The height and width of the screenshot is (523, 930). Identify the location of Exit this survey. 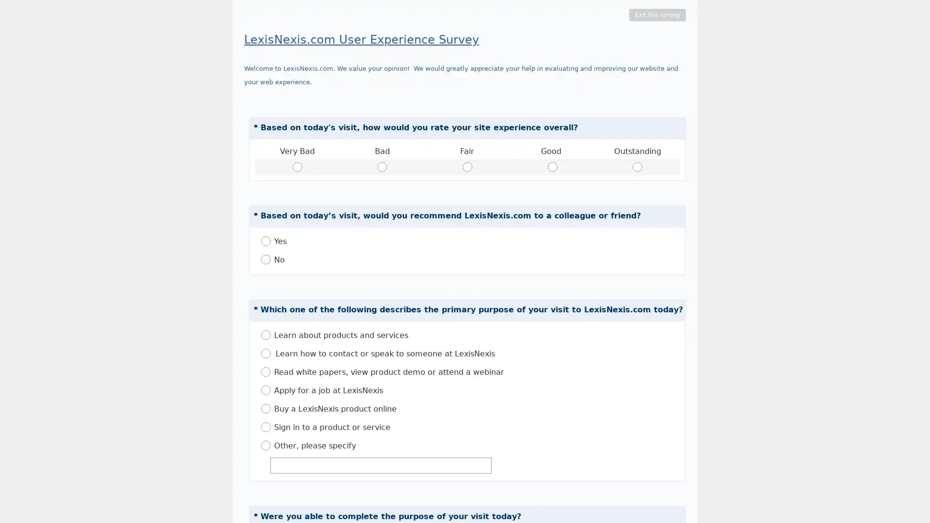
(657, 15).